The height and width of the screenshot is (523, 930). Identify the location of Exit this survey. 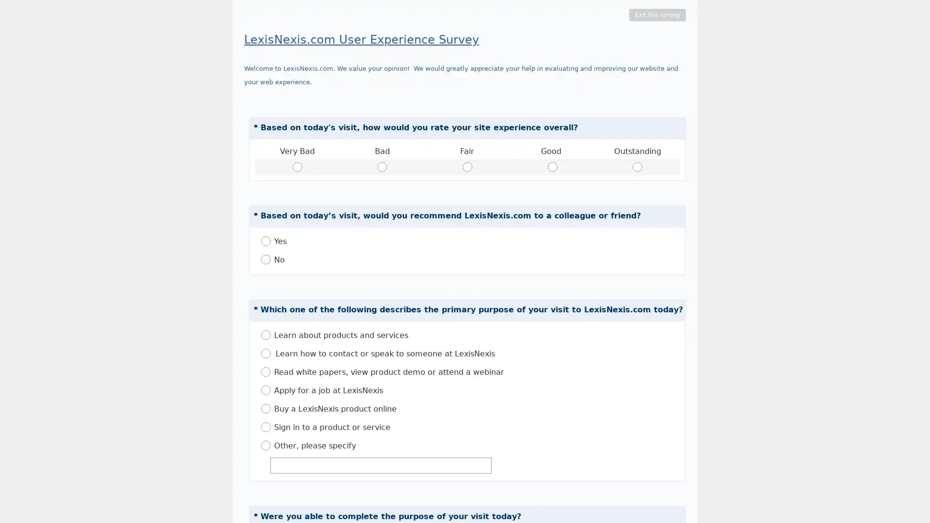
(657, 15).